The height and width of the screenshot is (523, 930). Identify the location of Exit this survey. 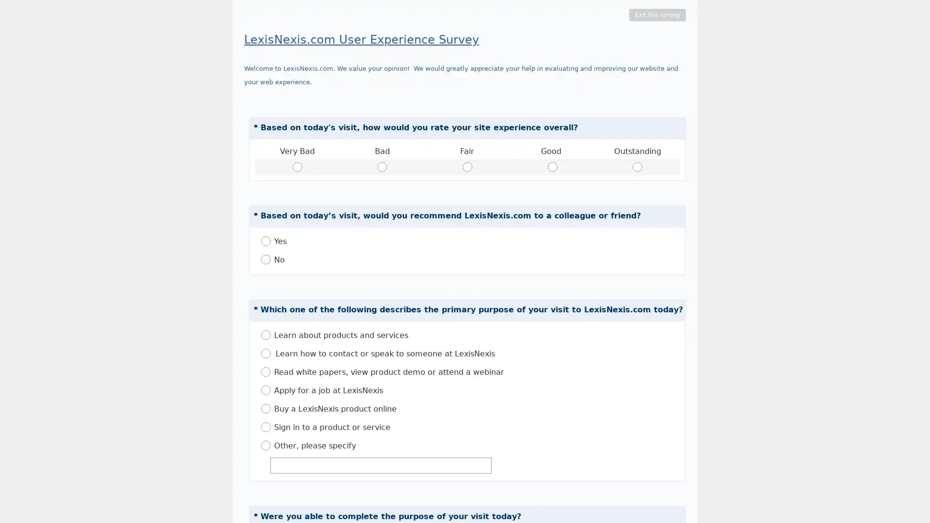
(657, 15).